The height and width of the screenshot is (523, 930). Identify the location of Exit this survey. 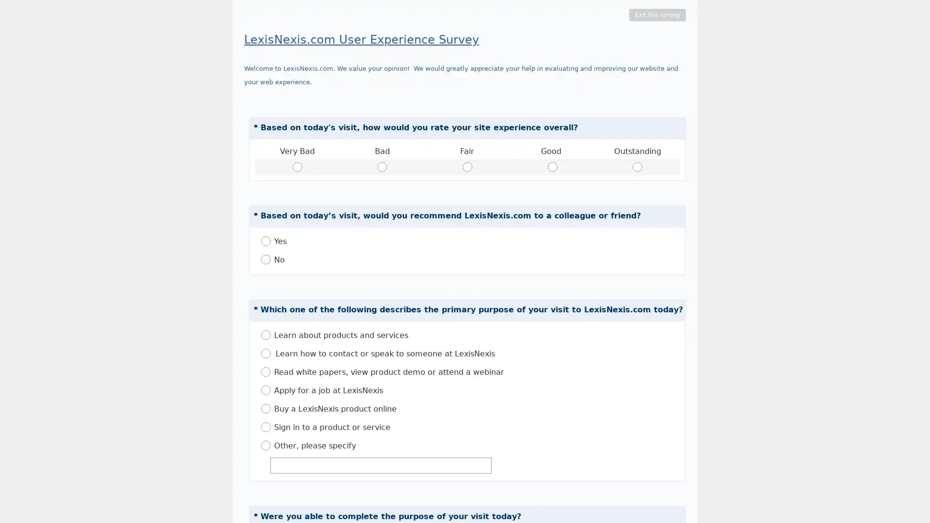
(657, 15).